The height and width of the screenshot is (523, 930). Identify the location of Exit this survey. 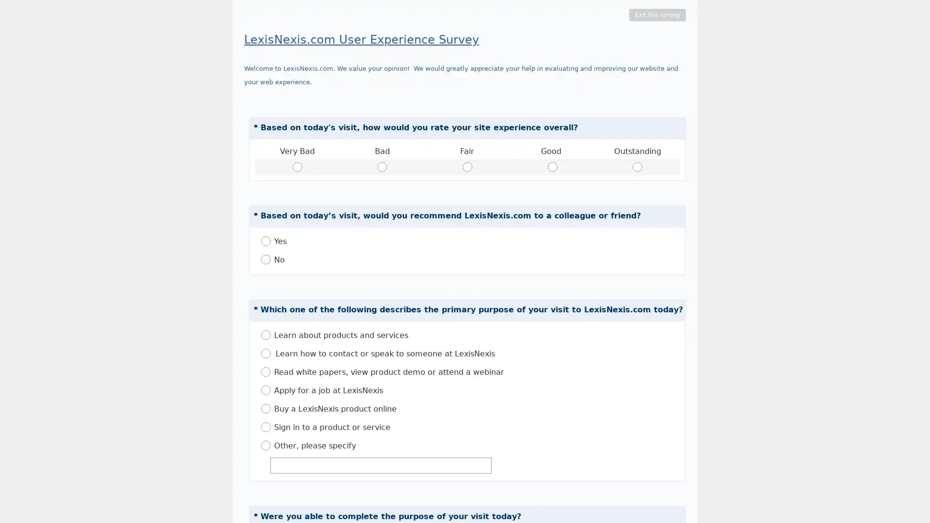
(657, 15).